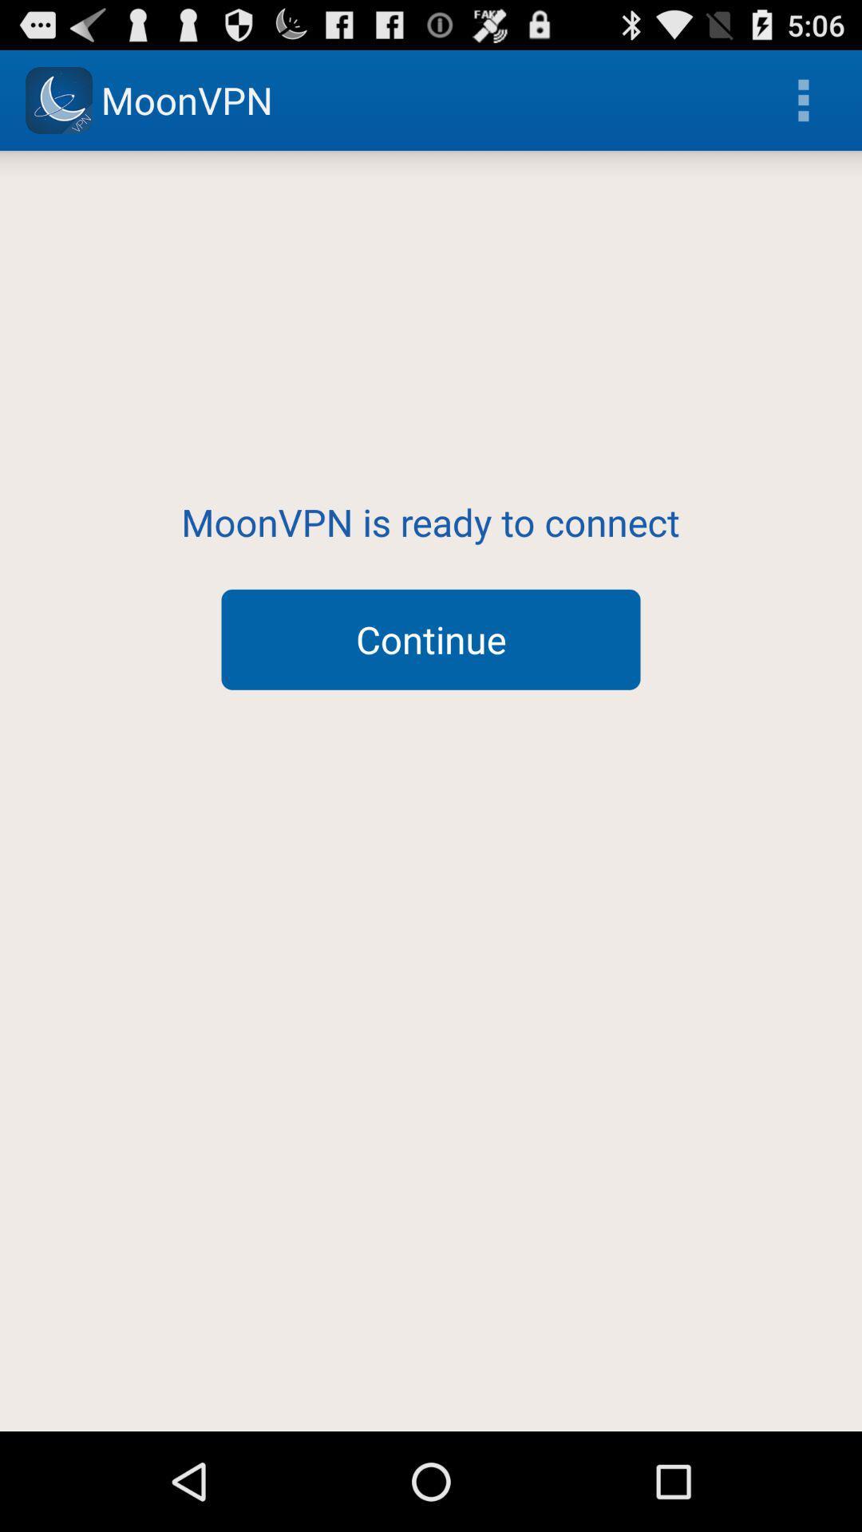  What do you see at coordinates (803, 99) in the screenshot?
I see `the item next to moonvpn icon` at bounding box center [803, 99].